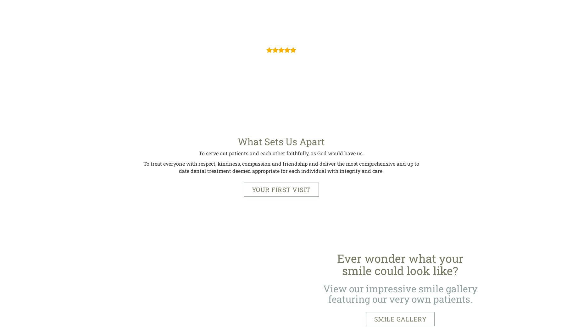 This screenshot has height=335, width=567. Describe the element at coordinates (281, 141) in the screenshot. I see `'What Sets Us Apart'` at that location.